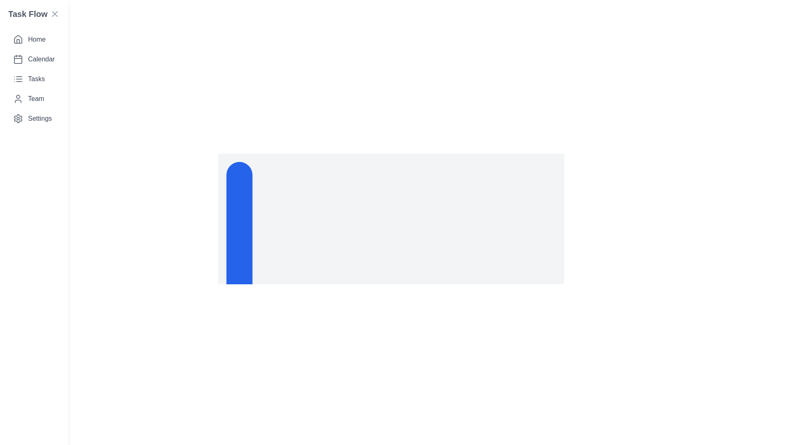 This screenshot has width=792, height=445. Describe the element at coordinates (33, 79) in the screenshot. I see `the menu item corresponding to Tasks to navigate to that section` at that location.